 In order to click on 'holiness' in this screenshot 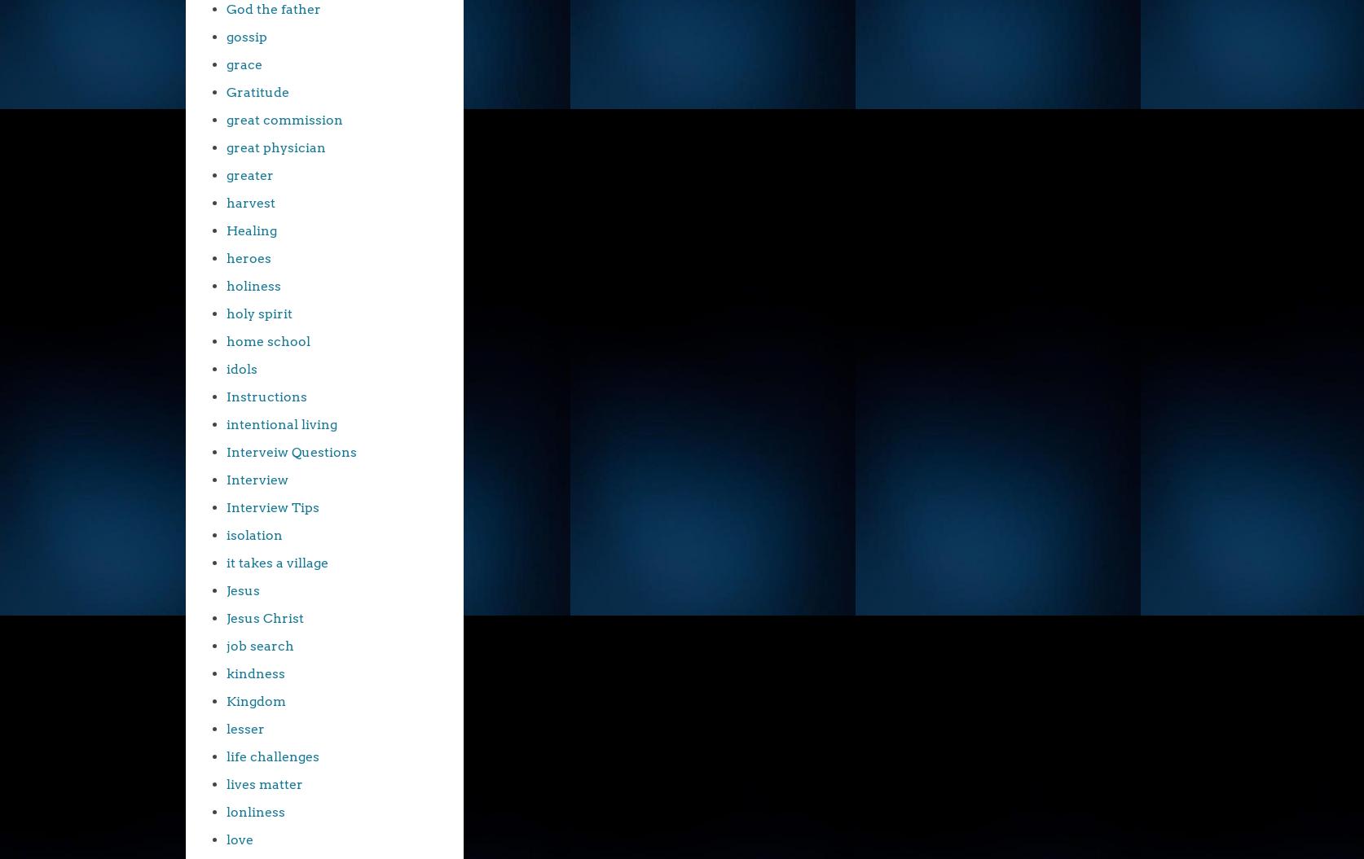, I will do `click(226, 285)`.